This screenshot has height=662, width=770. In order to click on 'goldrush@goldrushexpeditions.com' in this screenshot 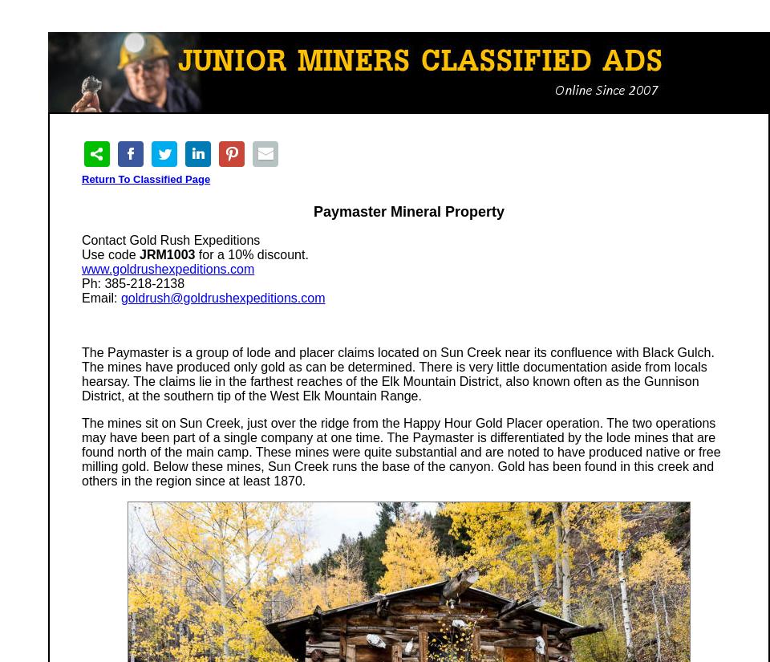, I will do `click(221, 298)`.